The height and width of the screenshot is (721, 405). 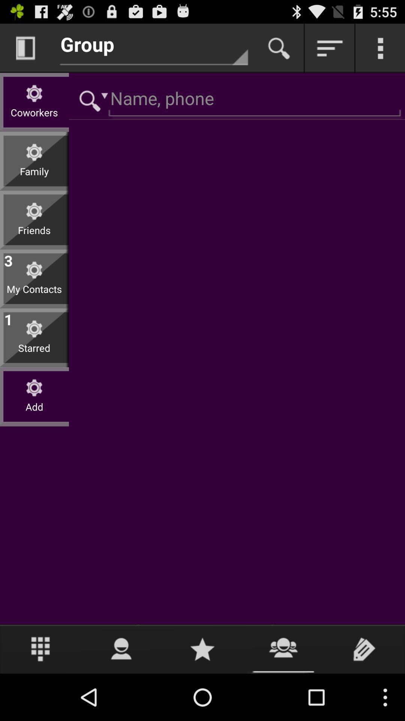 What do you see at coordinates (121, 649) in the screenshot?
I see `user` at bounding box center [121, 649].